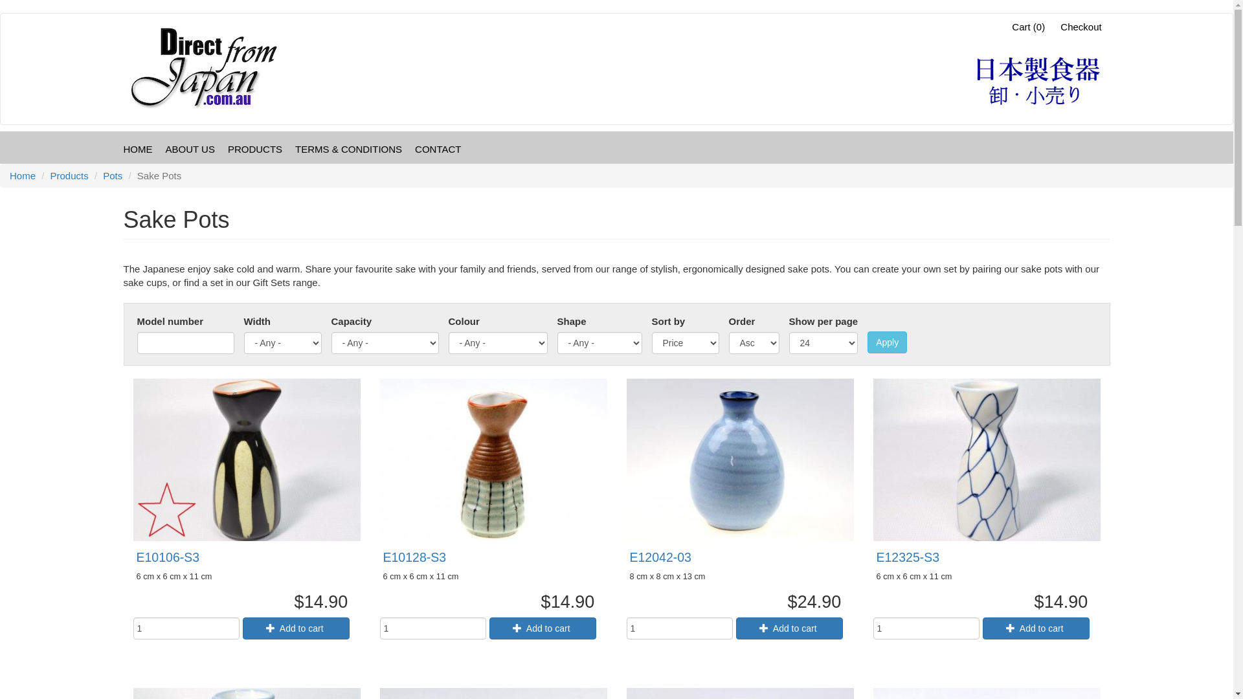 This screenshot has height=699, width=1243. I want to click on 'PRODUCTS', so click(254, 148).